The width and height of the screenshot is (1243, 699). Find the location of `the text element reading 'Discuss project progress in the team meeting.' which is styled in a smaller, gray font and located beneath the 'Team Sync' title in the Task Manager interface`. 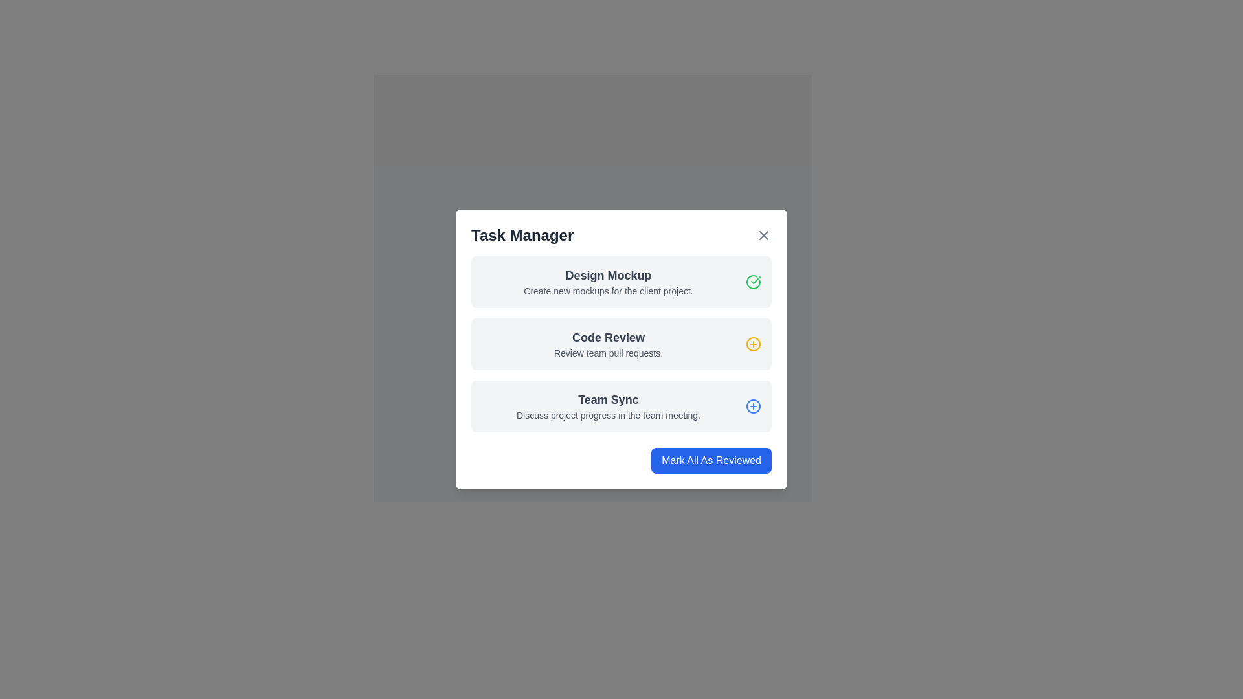

the text element reading 'Discuss project progress in the team meeting.' which is styled in a smaller, gray font and located beneath the 'Team Sync' title in the Task Manager interface is located at coordinates (608, 415).